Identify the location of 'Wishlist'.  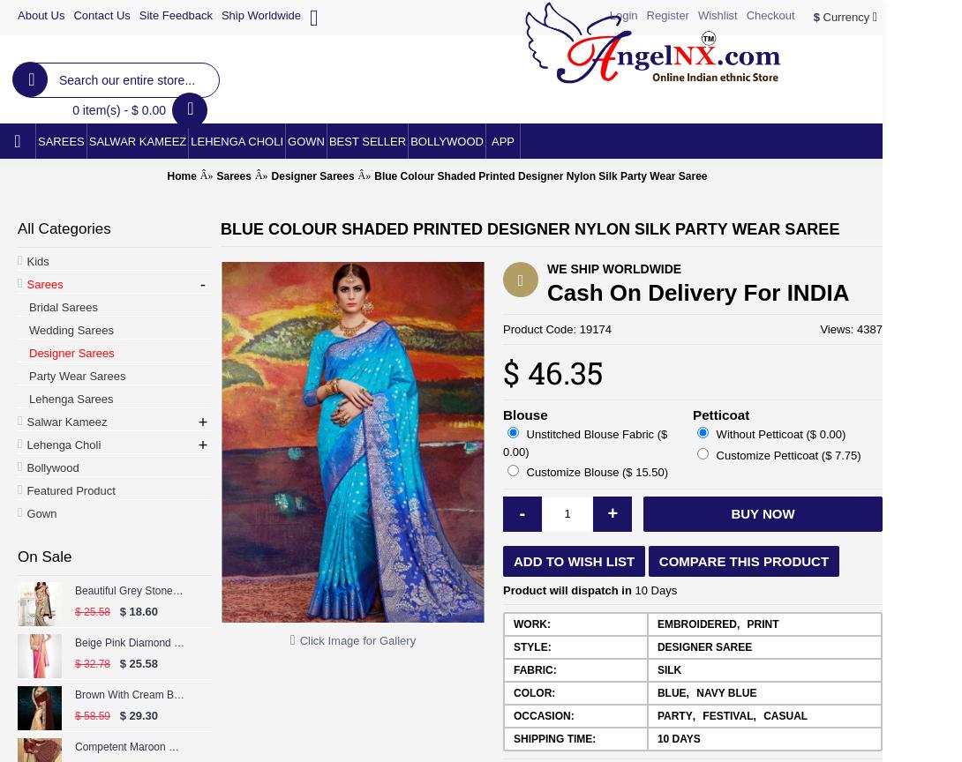
(717, 14).